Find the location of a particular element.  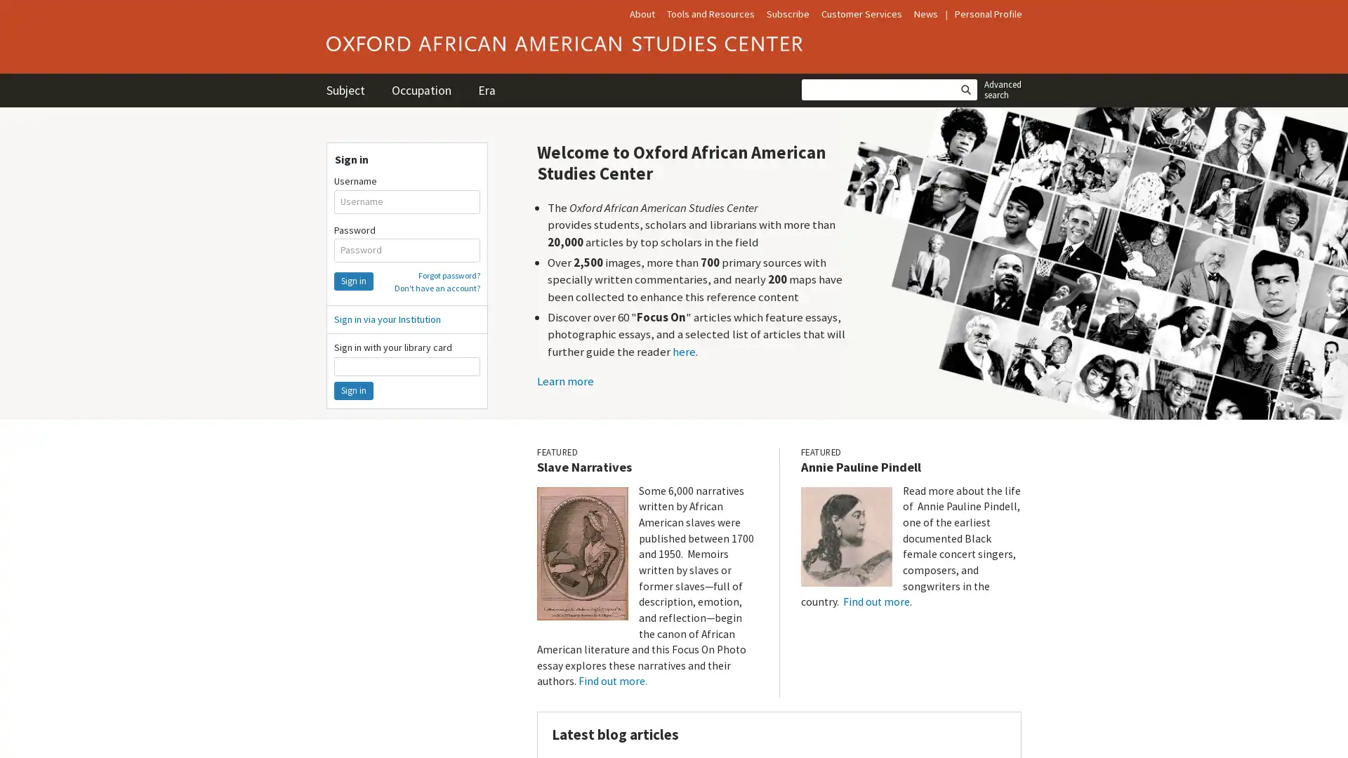

Search is located at coordinates (965, 89).